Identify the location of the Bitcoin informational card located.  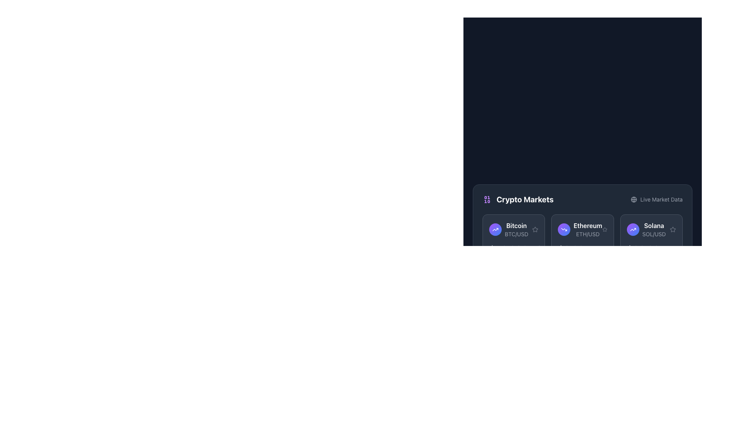
(509, 229).